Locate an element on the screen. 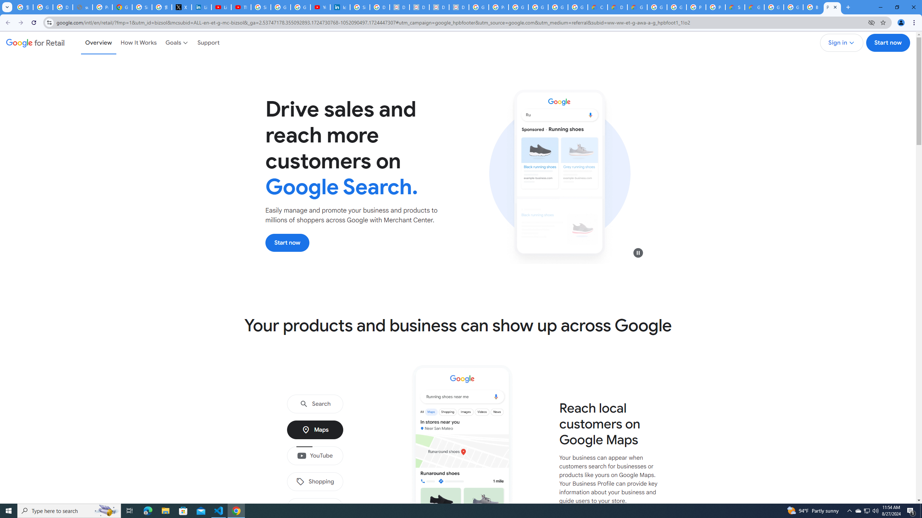 The width and height of the screenshot is (922, 518). 'Pause animation' is located at coordinates (638, 252).